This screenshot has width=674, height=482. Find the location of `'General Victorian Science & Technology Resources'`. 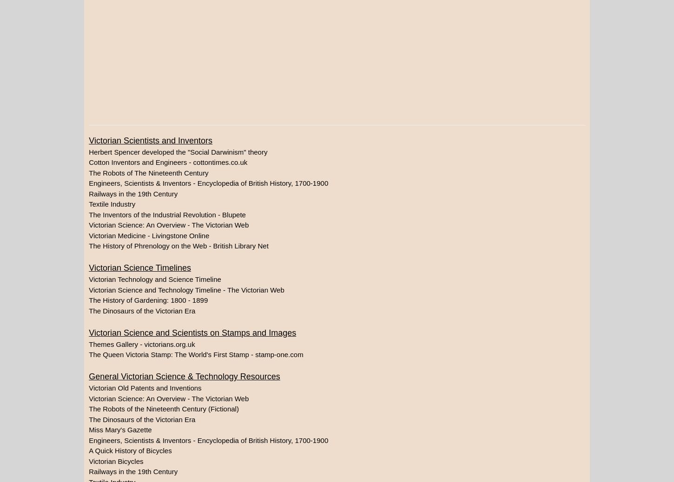

'General Victorian Science & Technology Resources' is located at coordinates (184, 376).